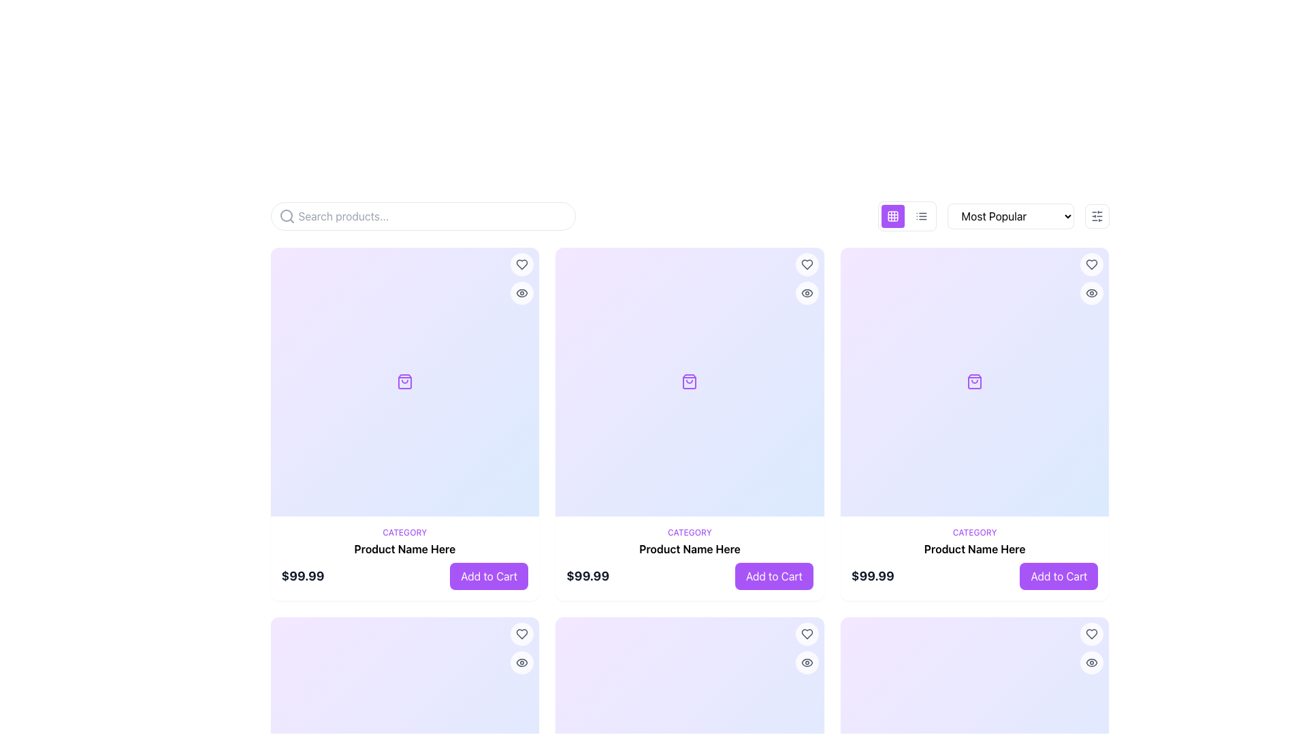 This screenshot has width=1307, height=735. I want to click on the button located, so click(1092, 265).